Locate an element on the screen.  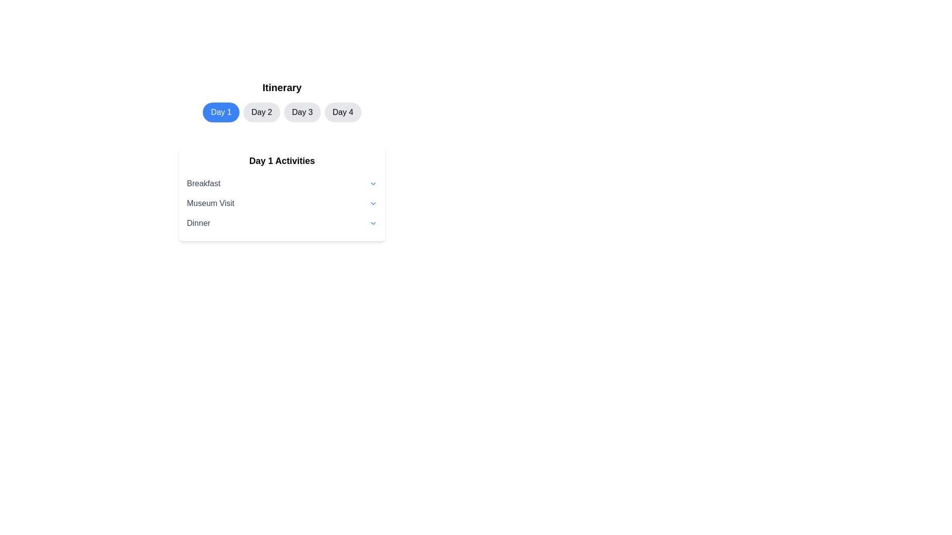
the small downward-facing chevron icon, which serves as a dropdown toggle next to the 'Dinner' text in the 'Day 1 Activities' list, to change its color is located at coordinates (373, 223).